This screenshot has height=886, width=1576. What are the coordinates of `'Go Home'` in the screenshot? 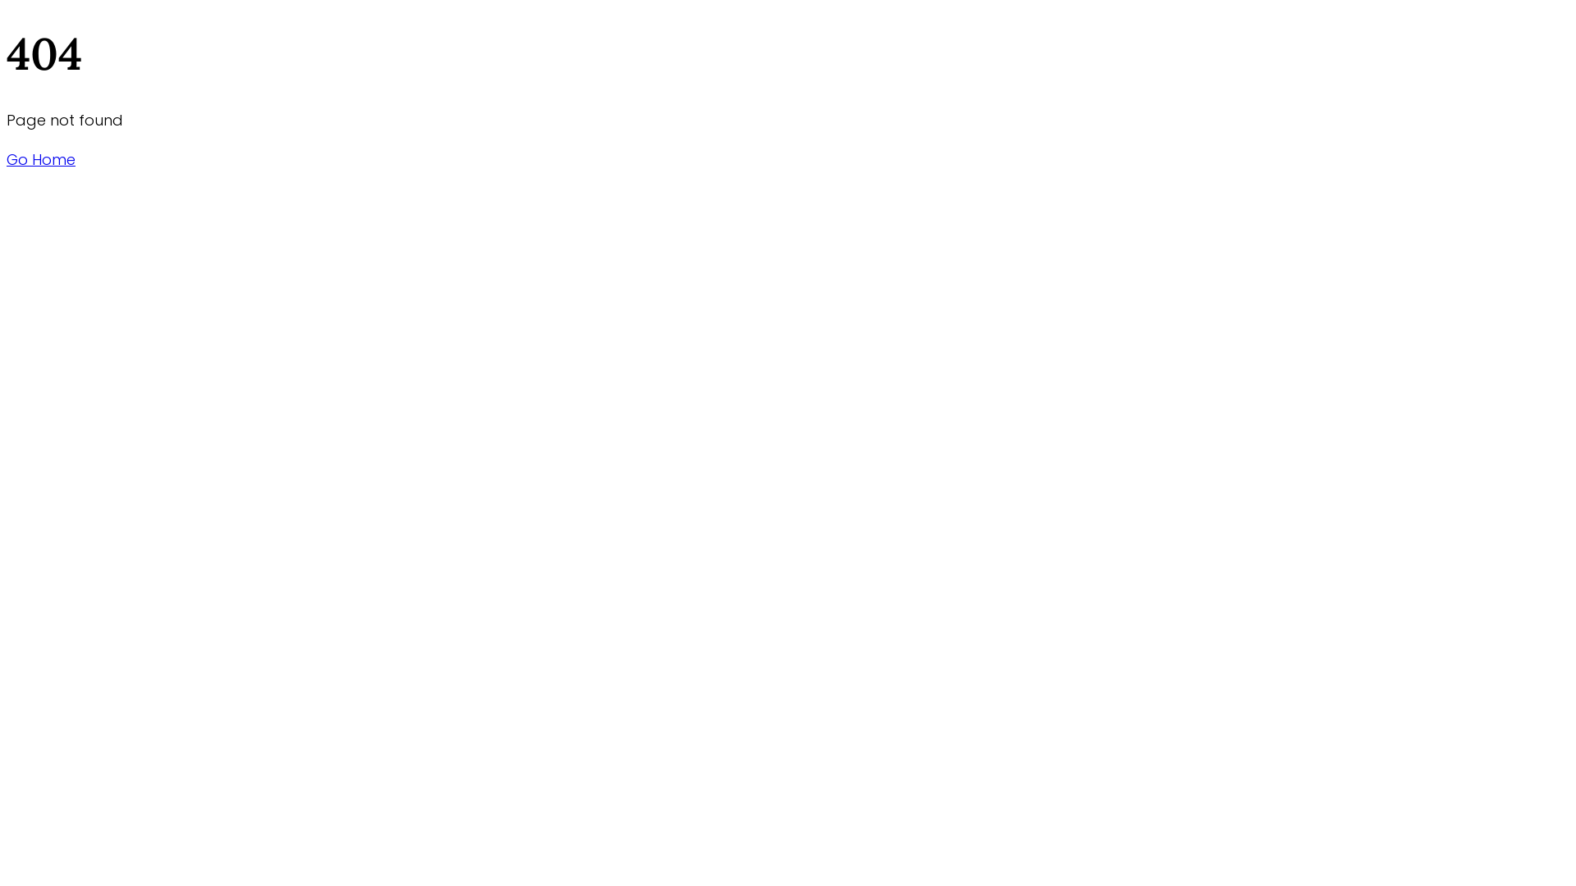 It's located at (40, 159).